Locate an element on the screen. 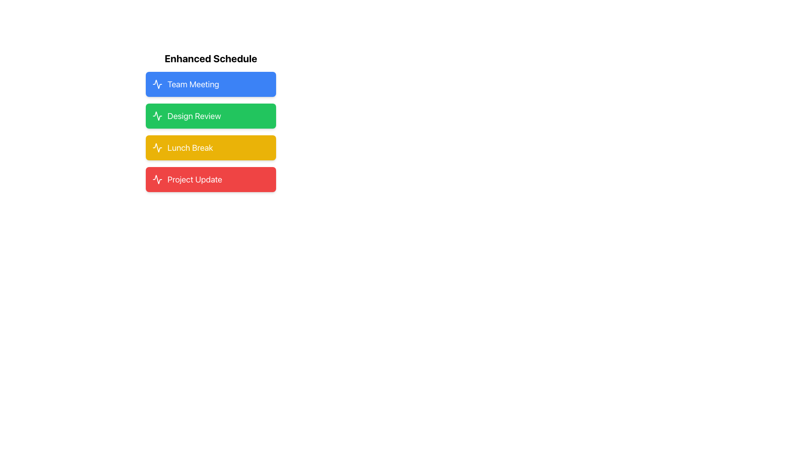  the decorative waveform icon with a green stroke color located inside the 'Design Review' button under 'Enhanced Schedule.' is located at coordinates (157, 116).